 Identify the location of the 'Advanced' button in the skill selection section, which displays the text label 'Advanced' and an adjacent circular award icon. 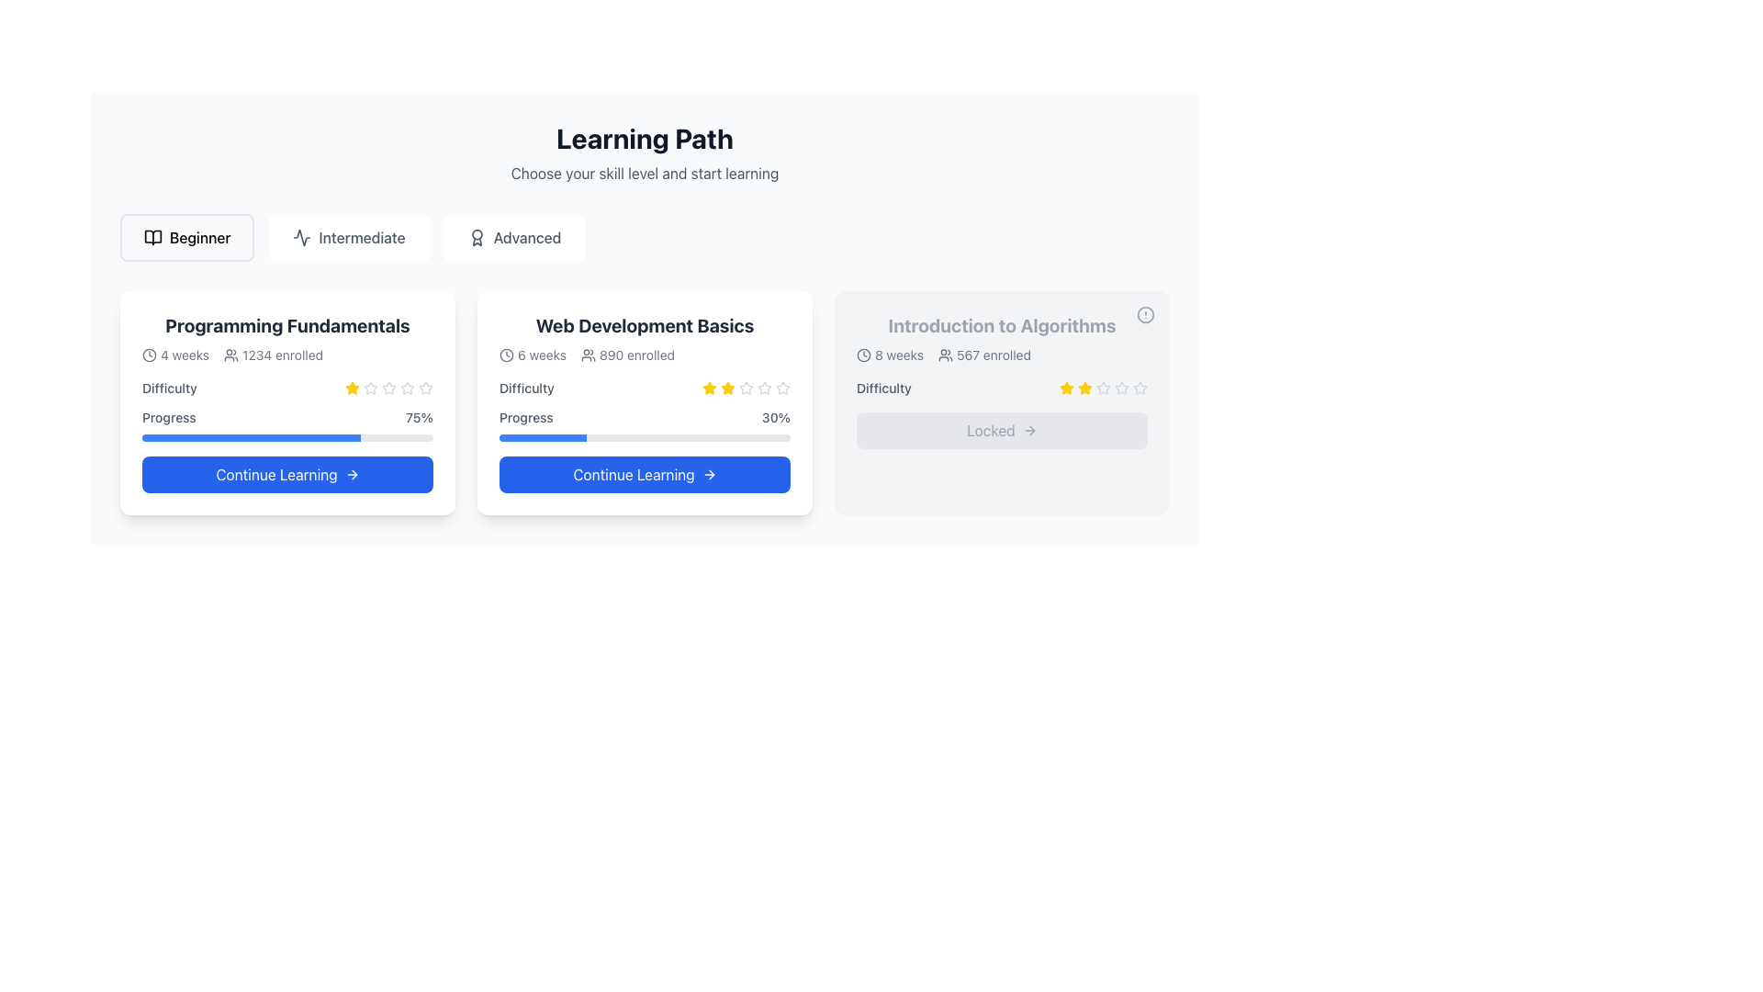
(514, 236).